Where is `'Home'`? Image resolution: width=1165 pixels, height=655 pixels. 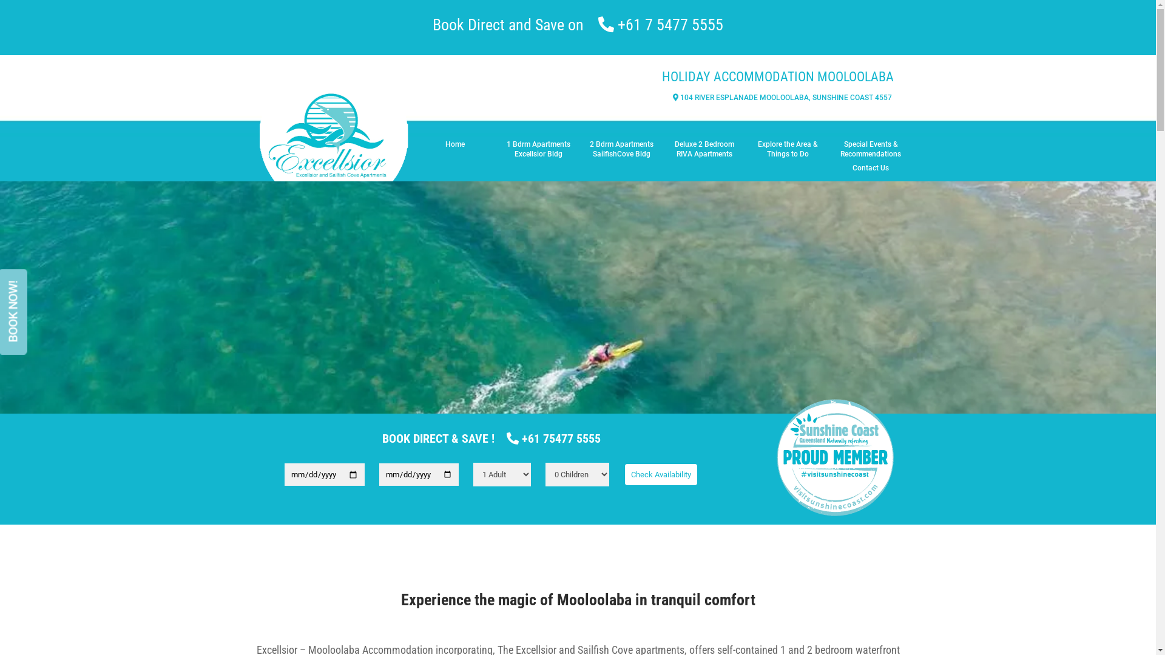
'Home' is located at coordinates (454, 149).